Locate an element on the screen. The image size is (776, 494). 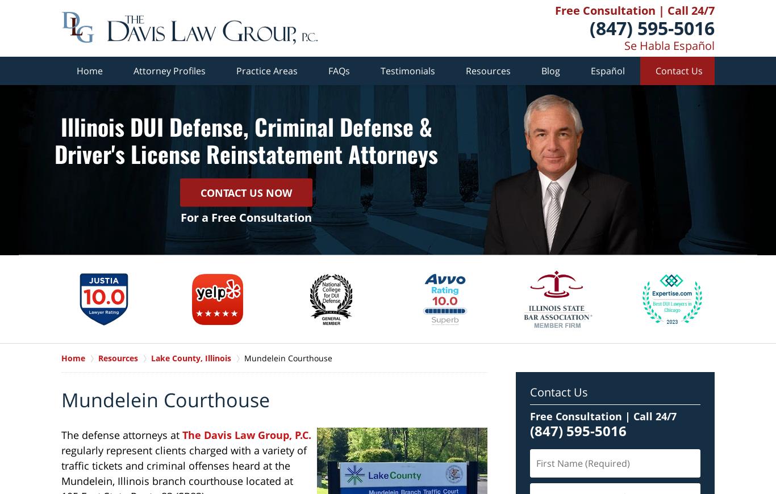
'Testimonials' is located at coordinates (407, 70).